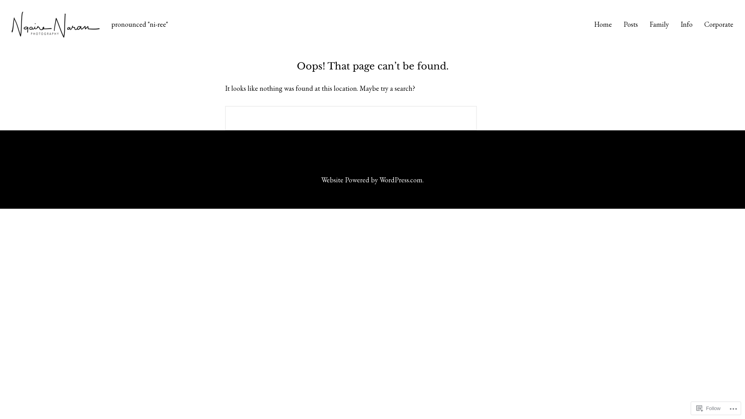 This screenshot has height=419, width=745. What do you see at coordinates (704, 24) in the screenshot?
I see `'Corporate'` at bounding box center [704, 24].